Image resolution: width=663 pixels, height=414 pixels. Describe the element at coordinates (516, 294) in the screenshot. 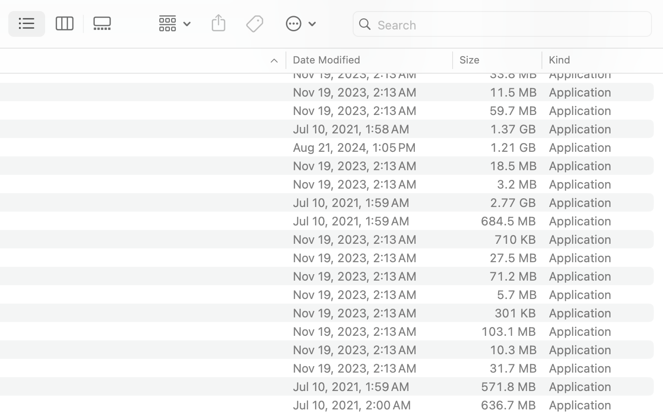

I see `'5.7 MB'` at that location.